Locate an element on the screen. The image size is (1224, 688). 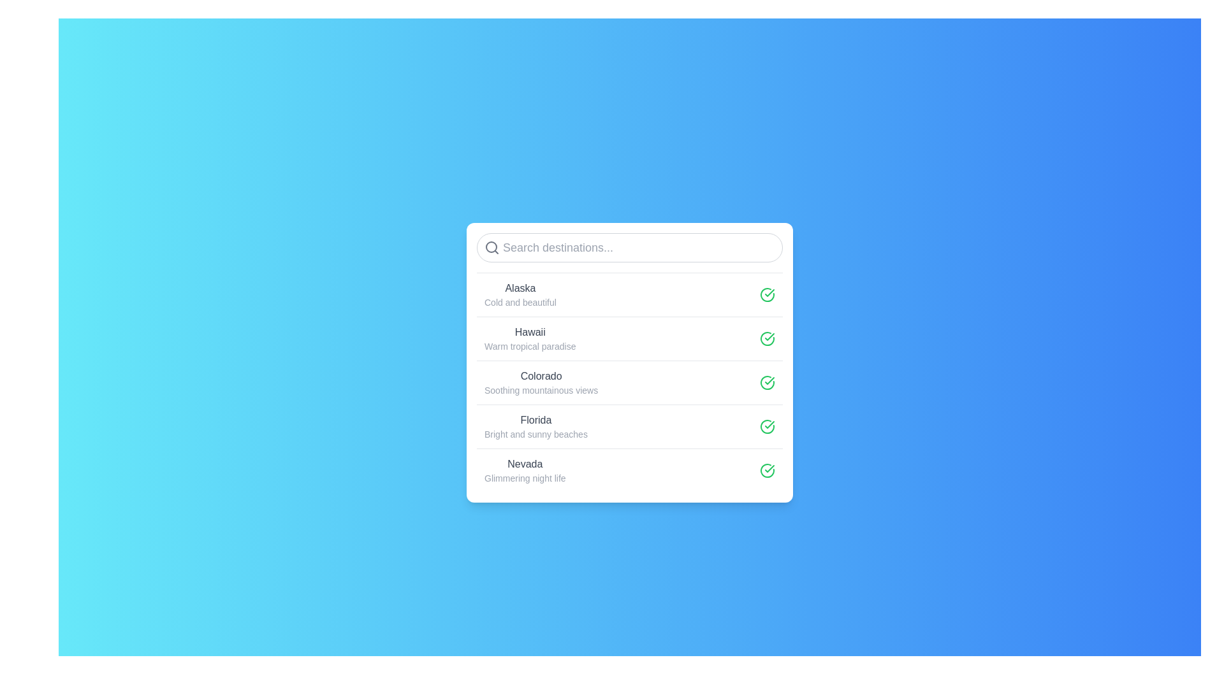
the text label that serves as a descriptive subtitle for the main label 'Nevada', located below it in the scrollable list is located at coordinates (525, 478).